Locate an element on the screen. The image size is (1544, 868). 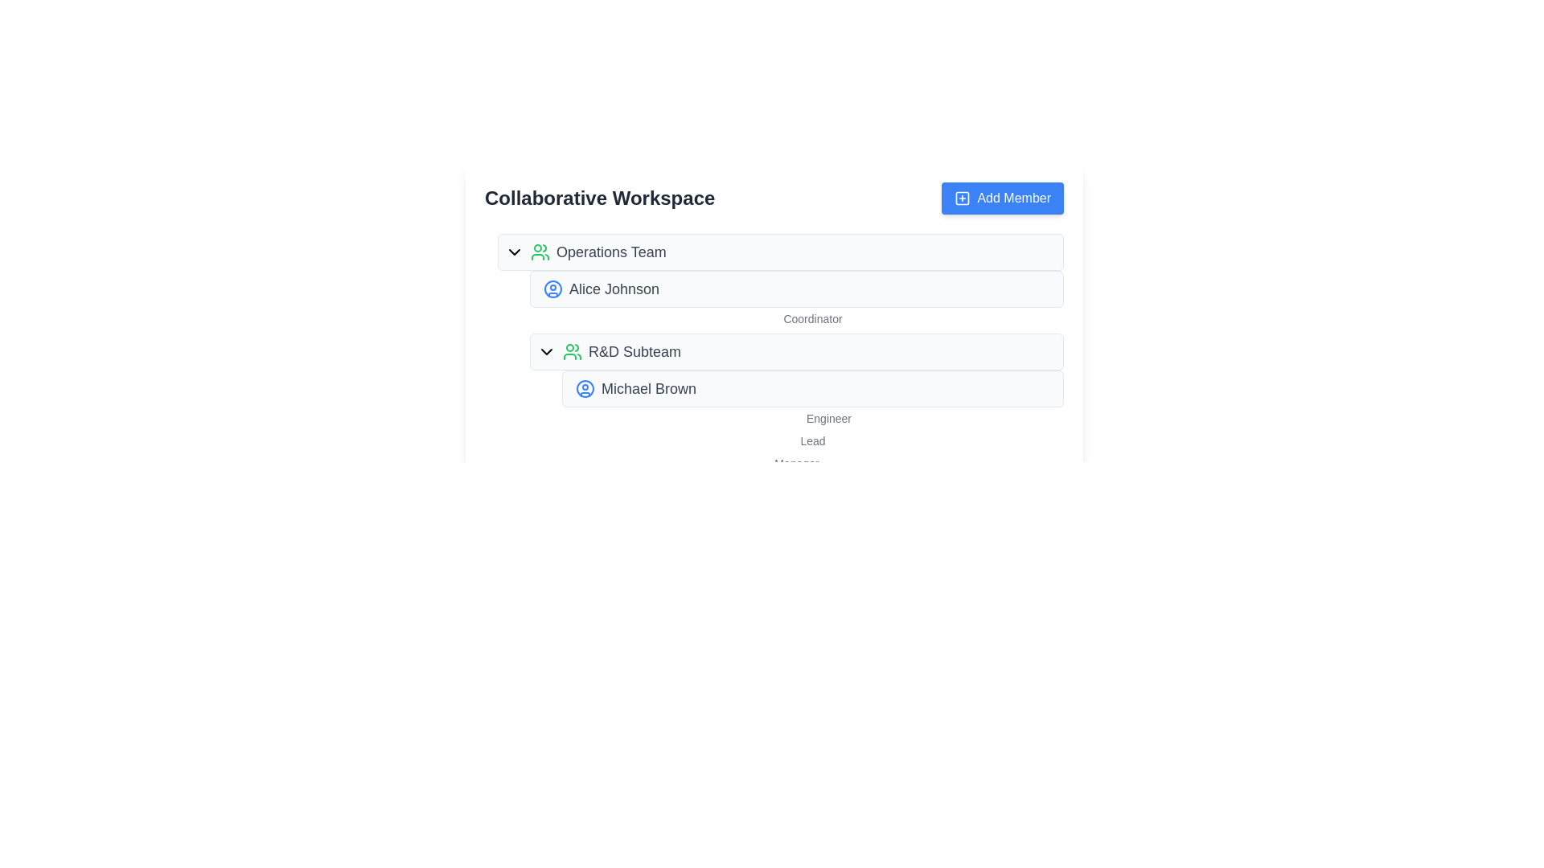
the icon element representing a group of people, which is styled with a green outline and is located to the immediate left of the text 'R&D Subteam' is located at coordinates (572, 351).